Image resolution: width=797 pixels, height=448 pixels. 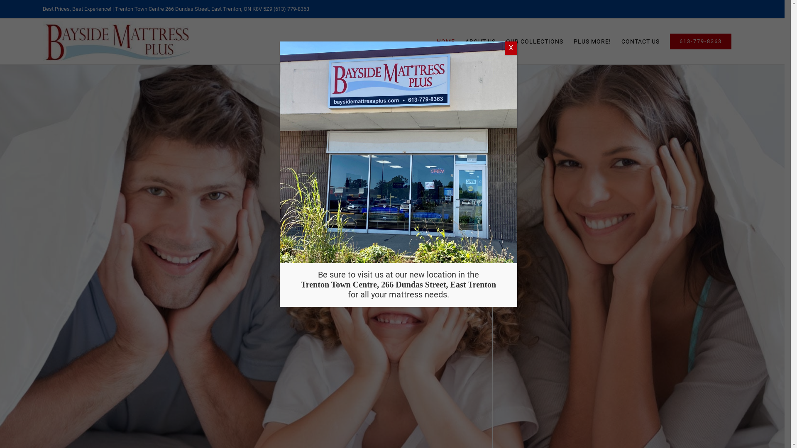 I want to click on 'ABOUT US', so click(x=480, y=41).